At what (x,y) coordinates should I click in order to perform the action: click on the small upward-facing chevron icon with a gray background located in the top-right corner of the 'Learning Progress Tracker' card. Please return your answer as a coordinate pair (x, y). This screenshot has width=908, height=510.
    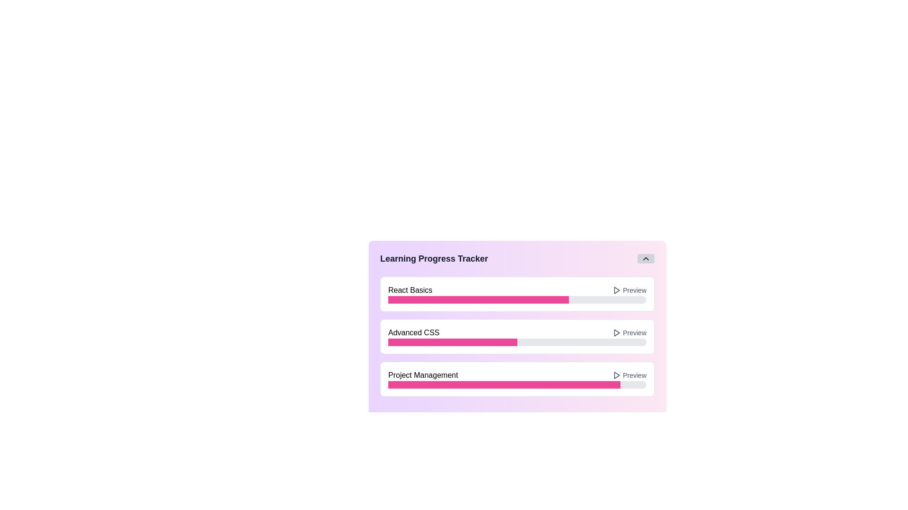
    Looking at the image, I should click on (646, 258).